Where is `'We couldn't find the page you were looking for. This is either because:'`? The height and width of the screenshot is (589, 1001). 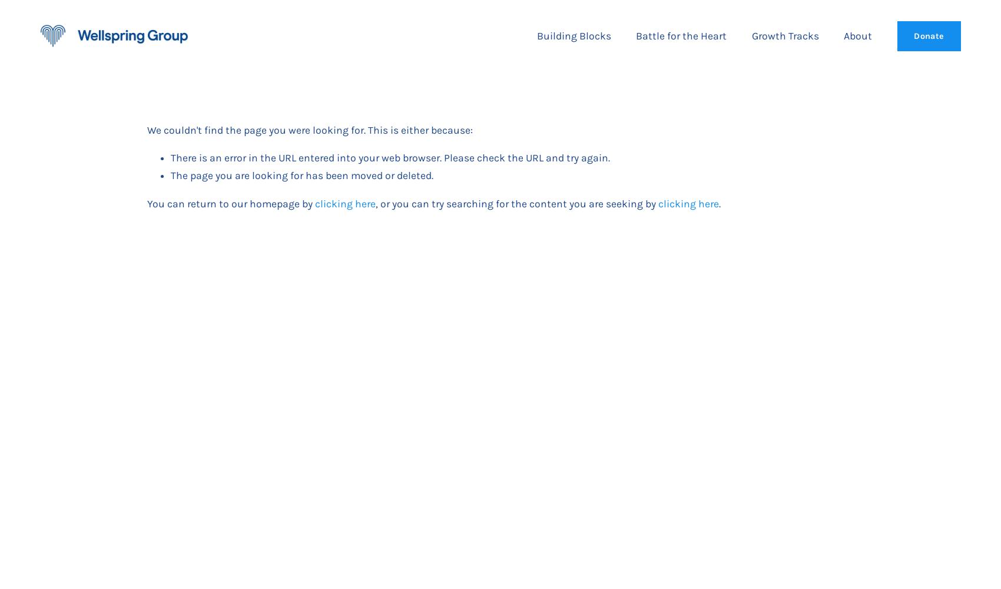 'We couldn't find the page you were looking for. This is either because:' is located at coordinates (147, 129).